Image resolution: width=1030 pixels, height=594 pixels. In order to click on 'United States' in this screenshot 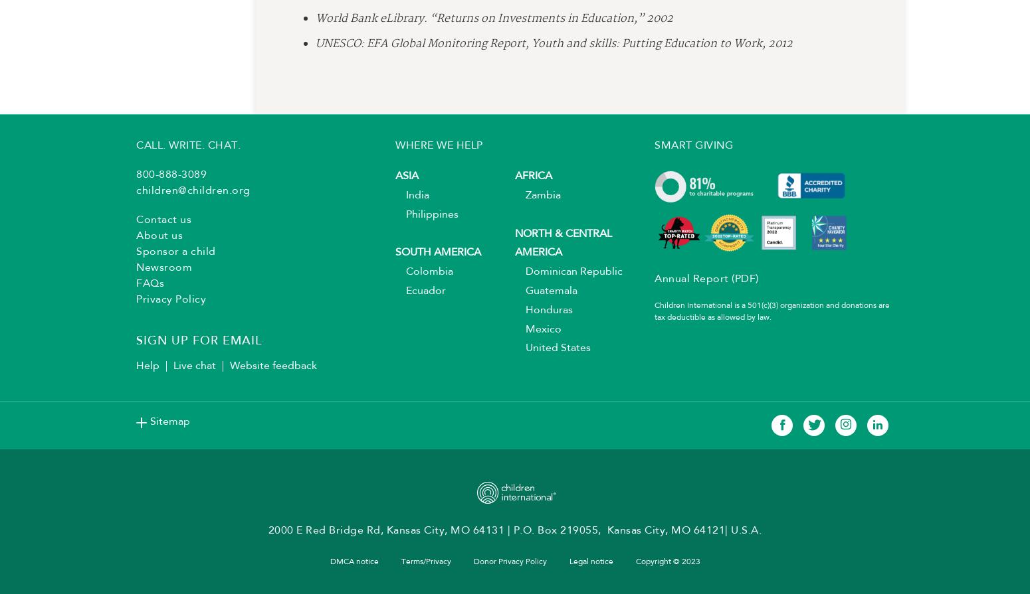, I will do `click(552, 352)`.